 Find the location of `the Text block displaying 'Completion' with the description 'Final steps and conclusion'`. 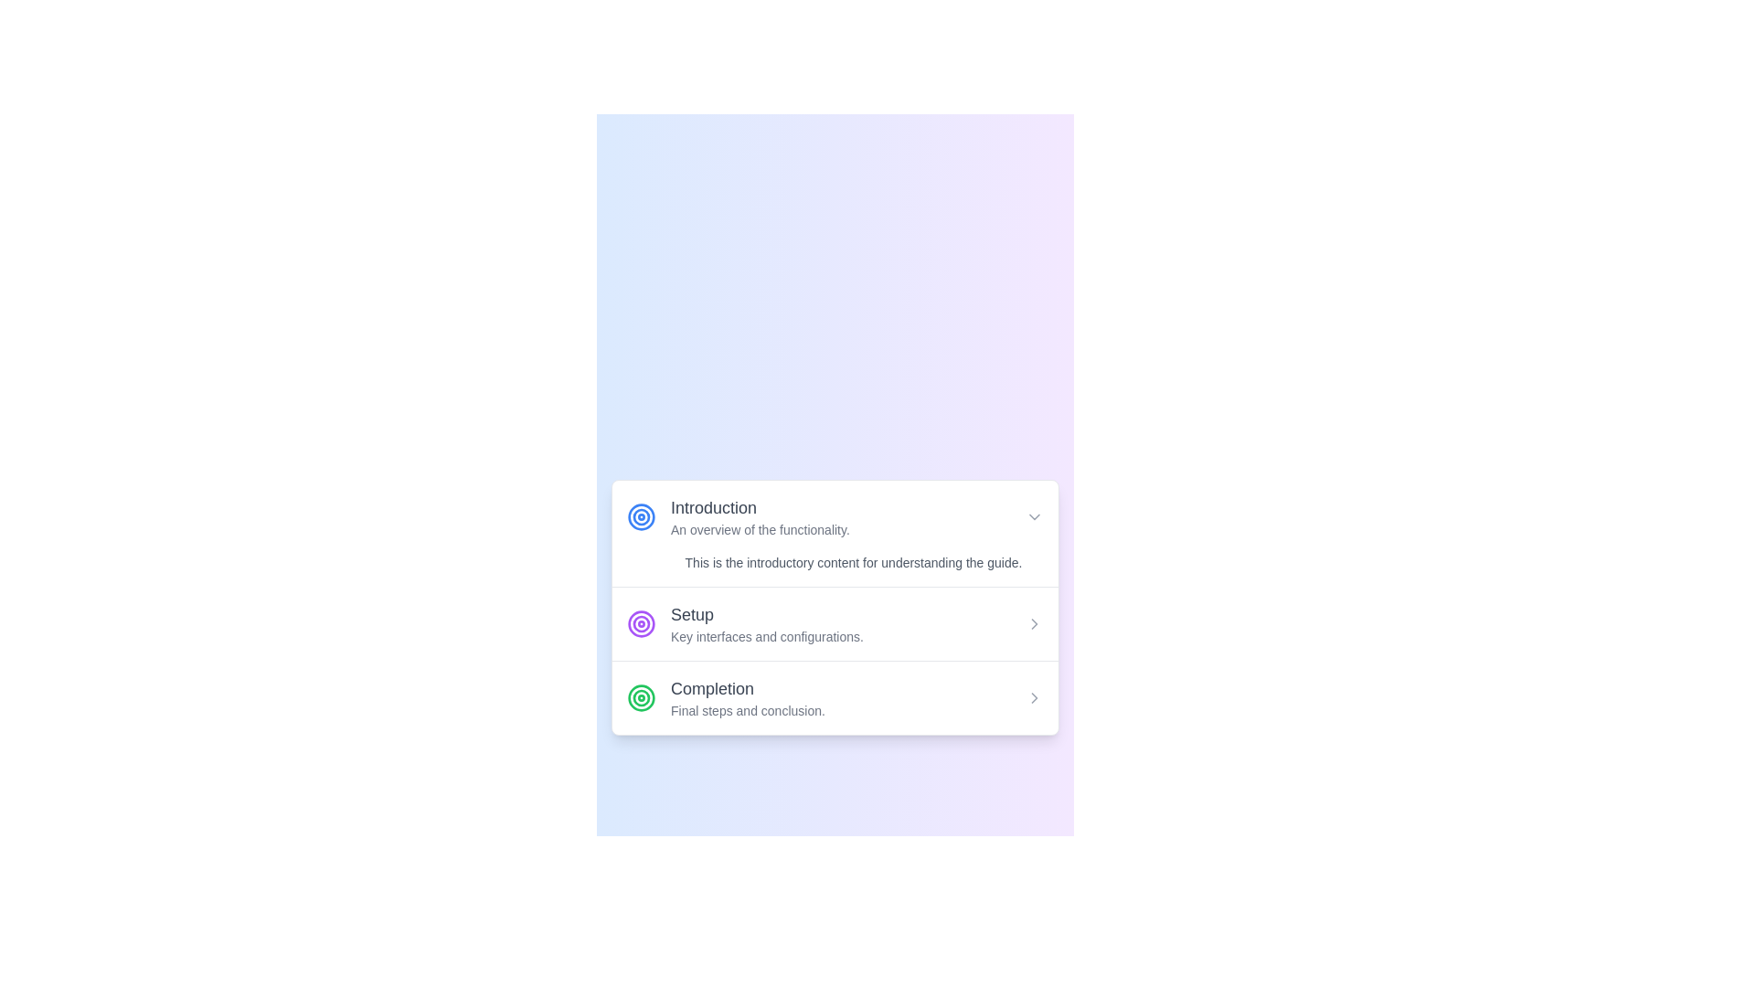

the Text block displaying 'Completion' with the description 'Final steps and conclusion' is located at coordinates (748, 697).